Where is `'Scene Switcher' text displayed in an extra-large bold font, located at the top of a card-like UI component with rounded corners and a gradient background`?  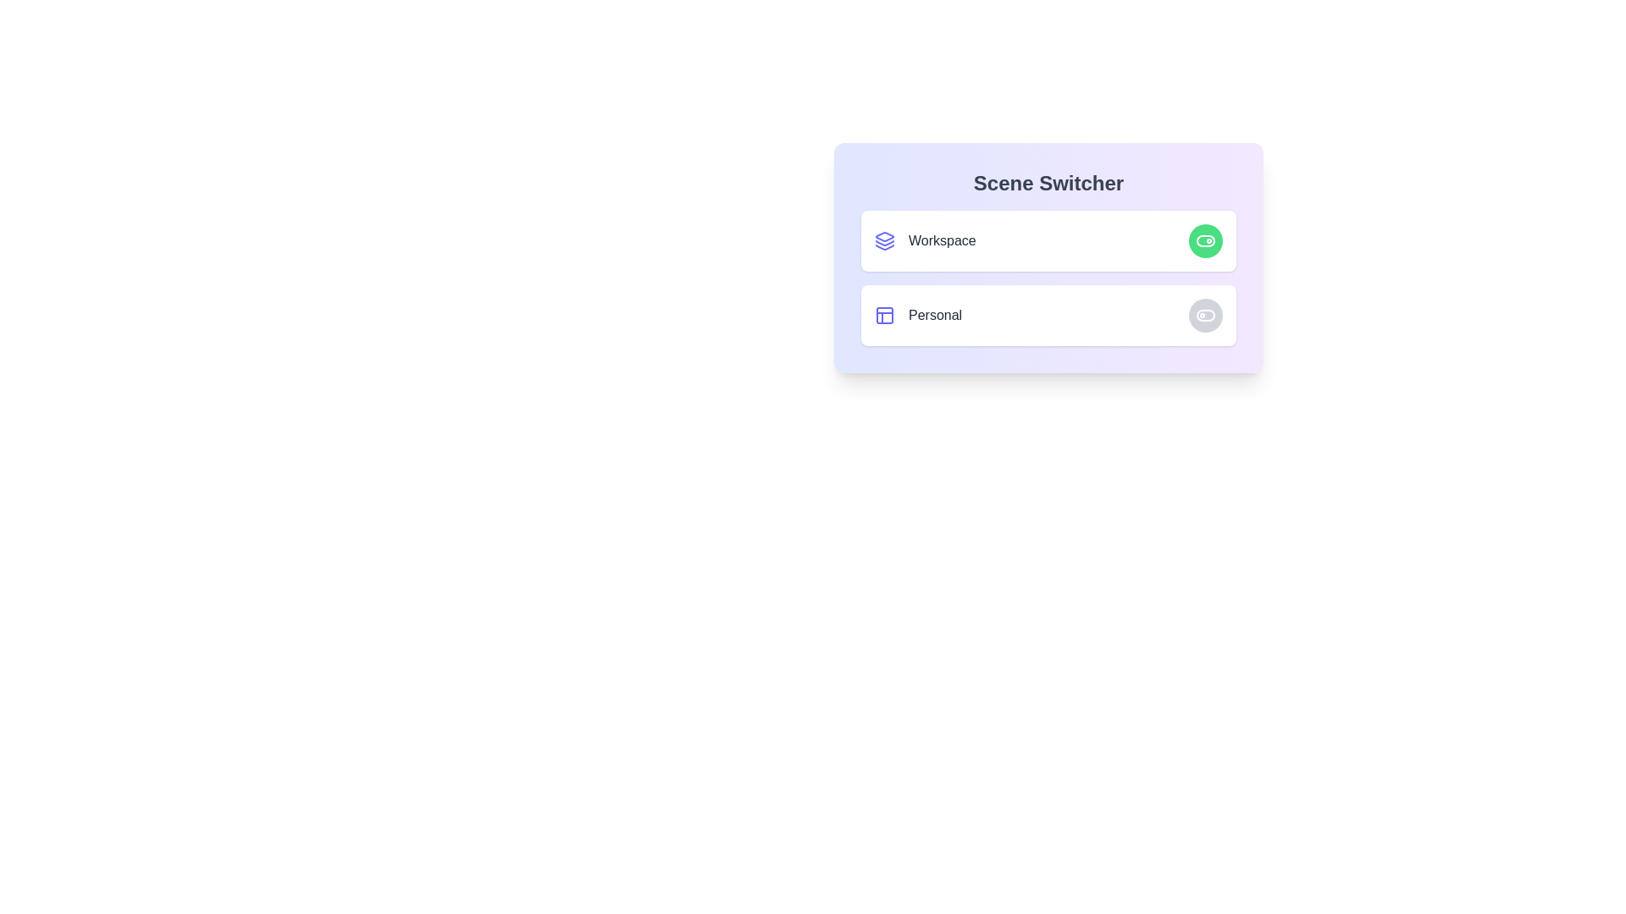
'Scene Switcher' text displayed in an extra-large bold font, located at the top of a card-like UI component with rounded corners and a gradient background is located at coordinates (1048, 183).